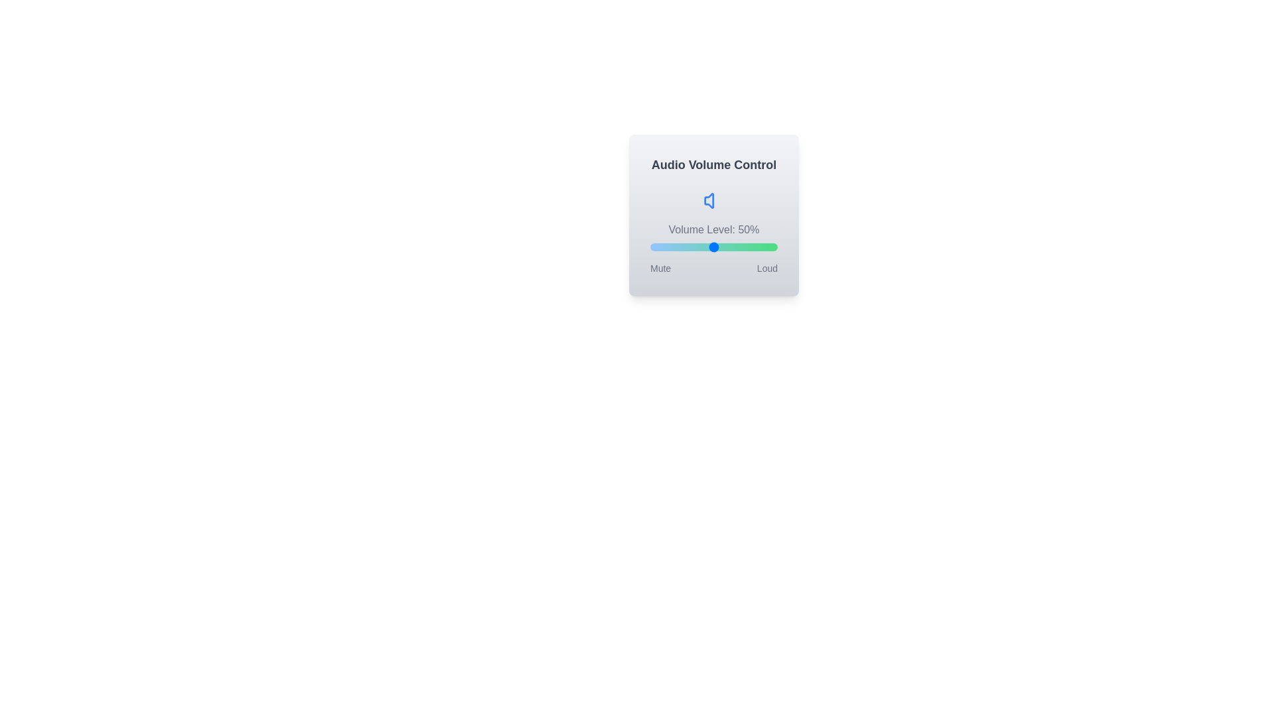  I want to click on the Loud label to interact with it, so click(767, 268).